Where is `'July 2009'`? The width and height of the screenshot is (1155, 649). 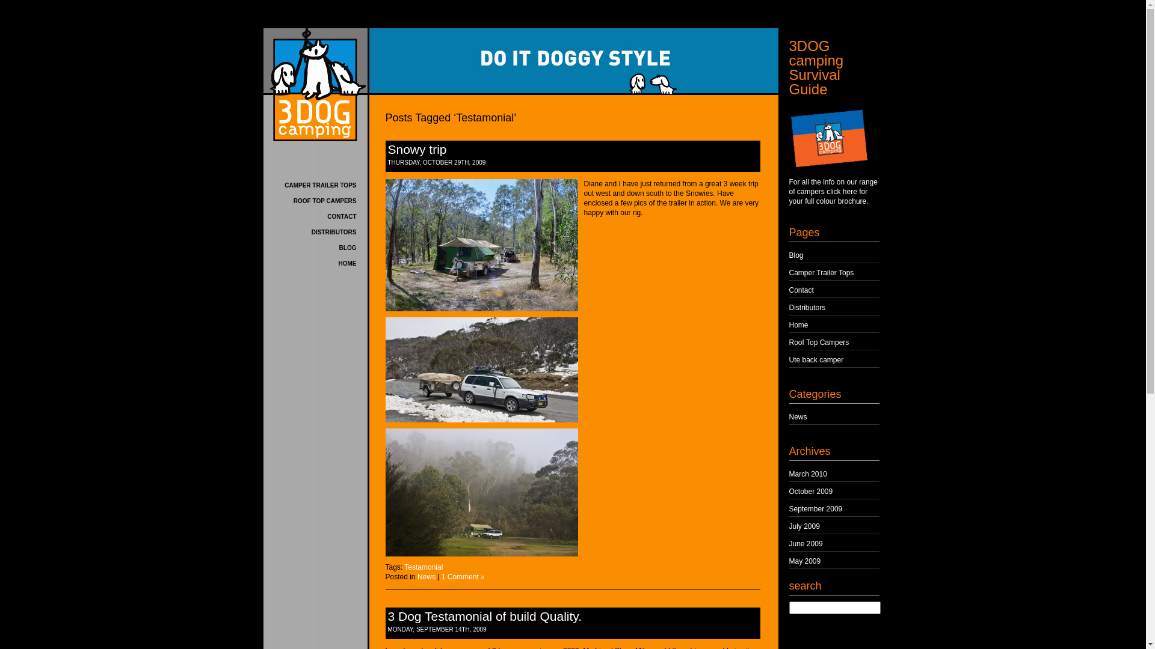 'July 2009' is located at coordinates (804, 525).